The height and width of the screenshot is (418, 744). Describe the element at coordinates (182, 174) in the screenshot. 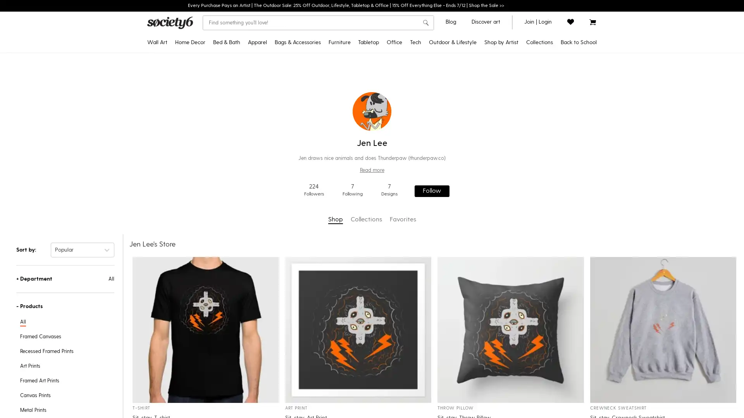

I see `Wall Hangings` at that location.